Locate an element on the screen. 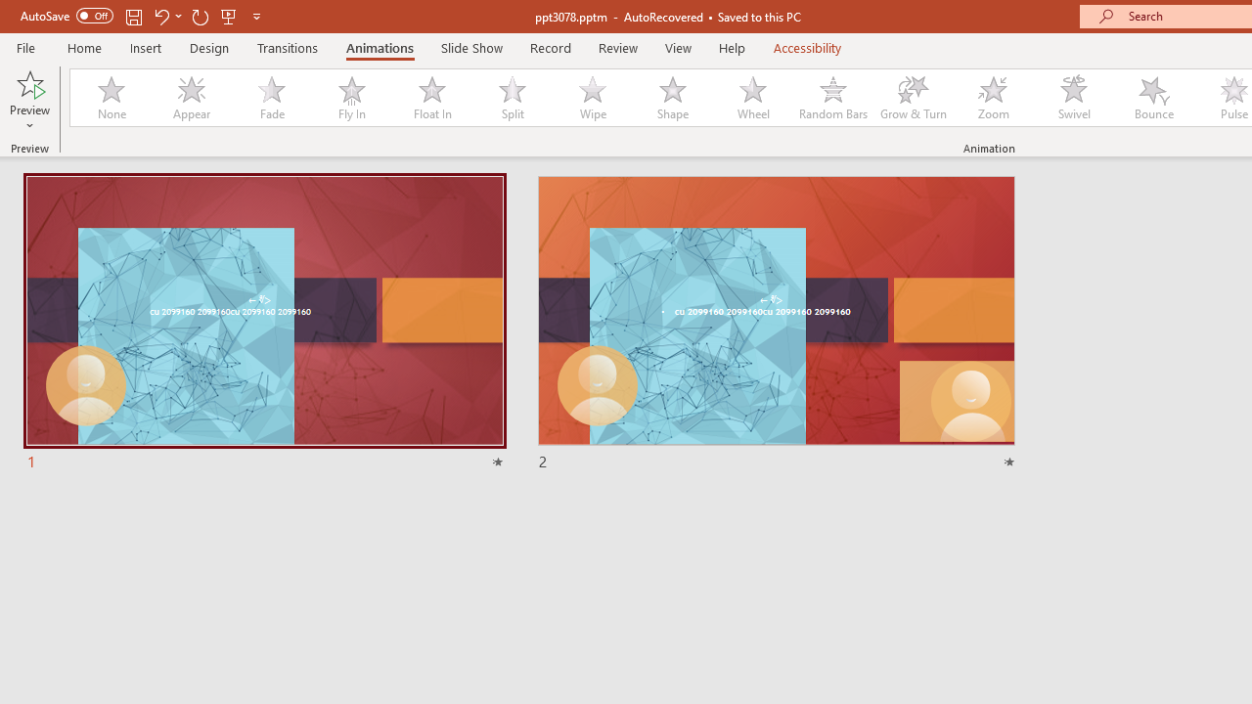 The image size is (1252, 704). 'Bounce' is located at coordinates (1154, 98).